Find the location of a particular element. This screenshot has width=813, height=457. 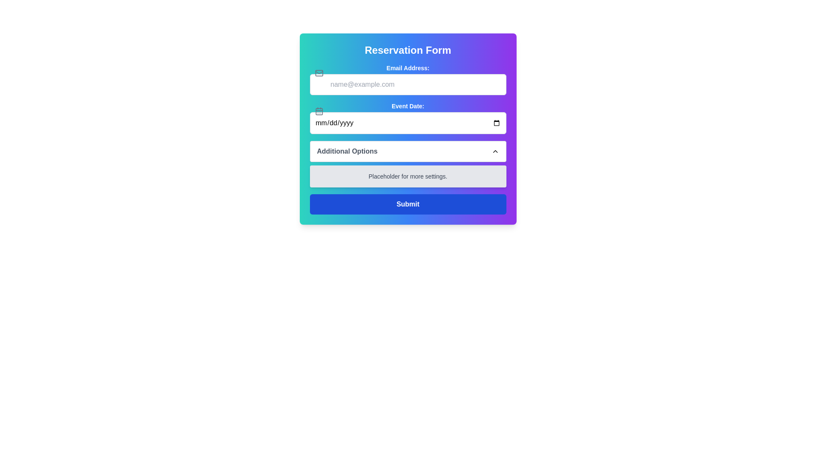

the envelope icon, which is a minimalistic SVG with a gray stroke, positioned to the left of the email input field labeled 'Email Address:' is located at coordinates (318, 73).